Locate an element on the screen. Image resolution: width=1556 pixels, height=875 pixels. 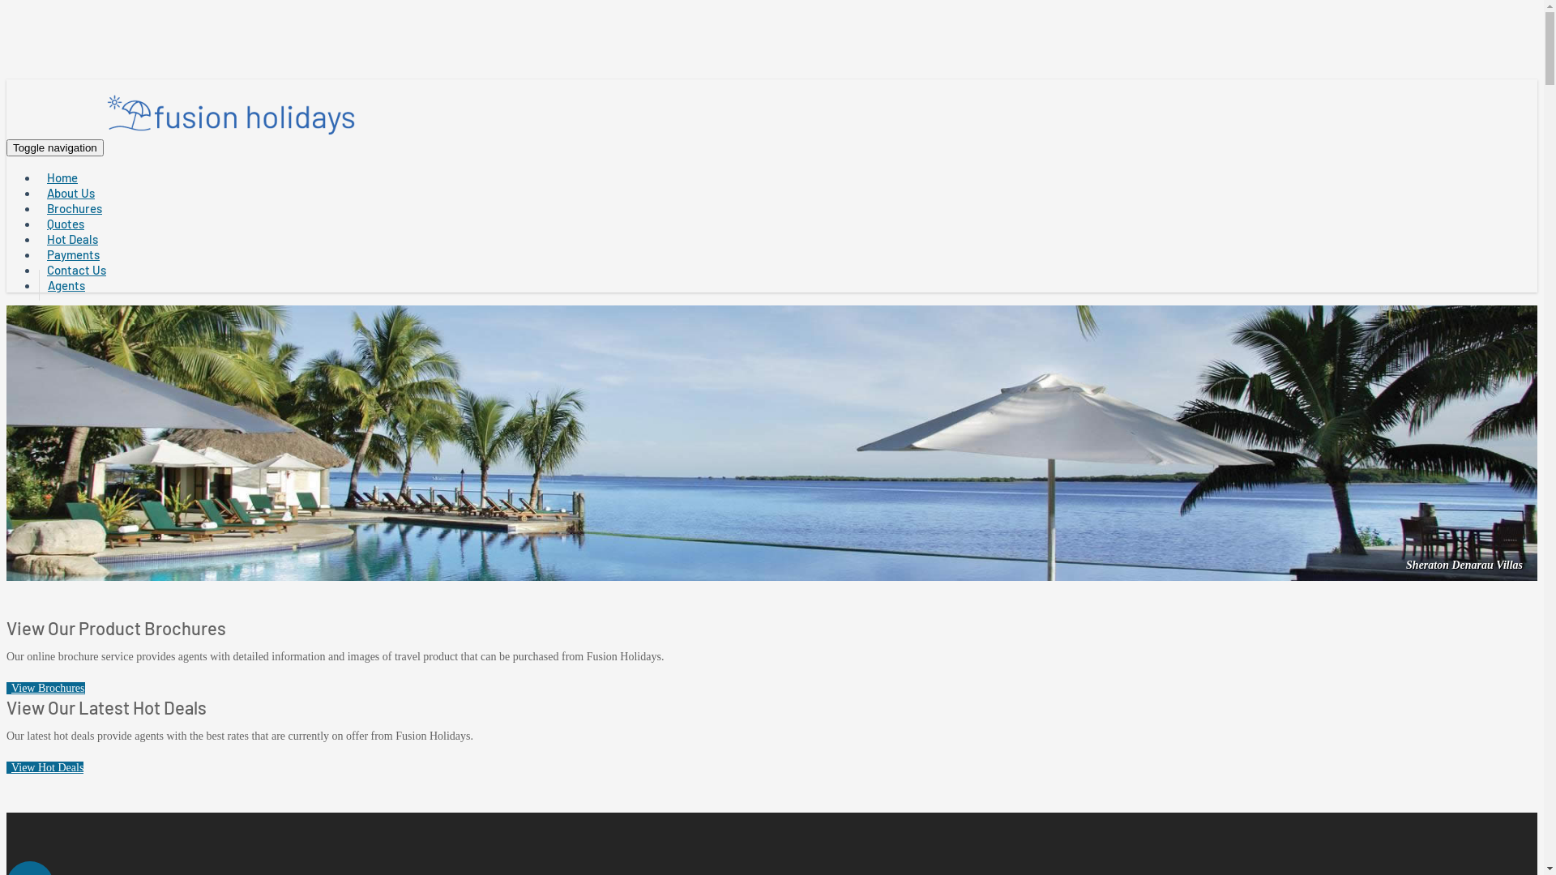
'Quotes' is located at coordinates (65, 224).